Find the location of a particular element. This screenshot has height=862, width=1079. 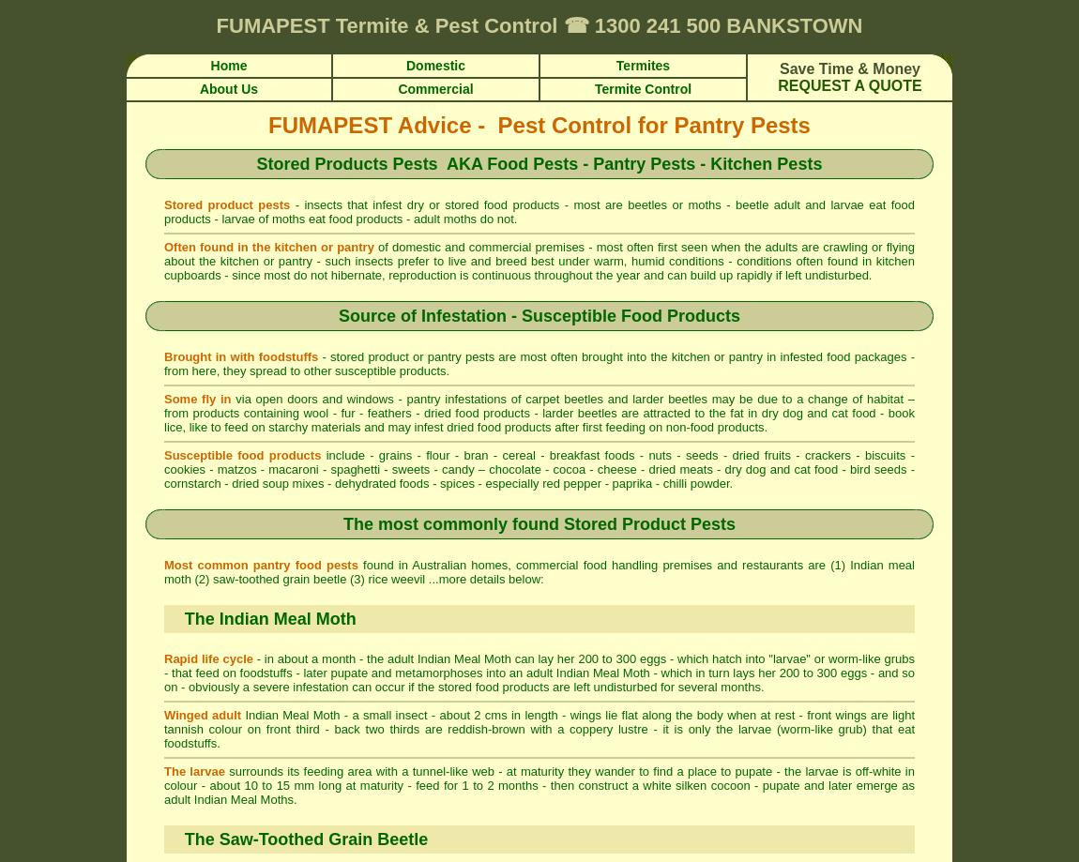

'About Us' is located at coordinates (227, 88).